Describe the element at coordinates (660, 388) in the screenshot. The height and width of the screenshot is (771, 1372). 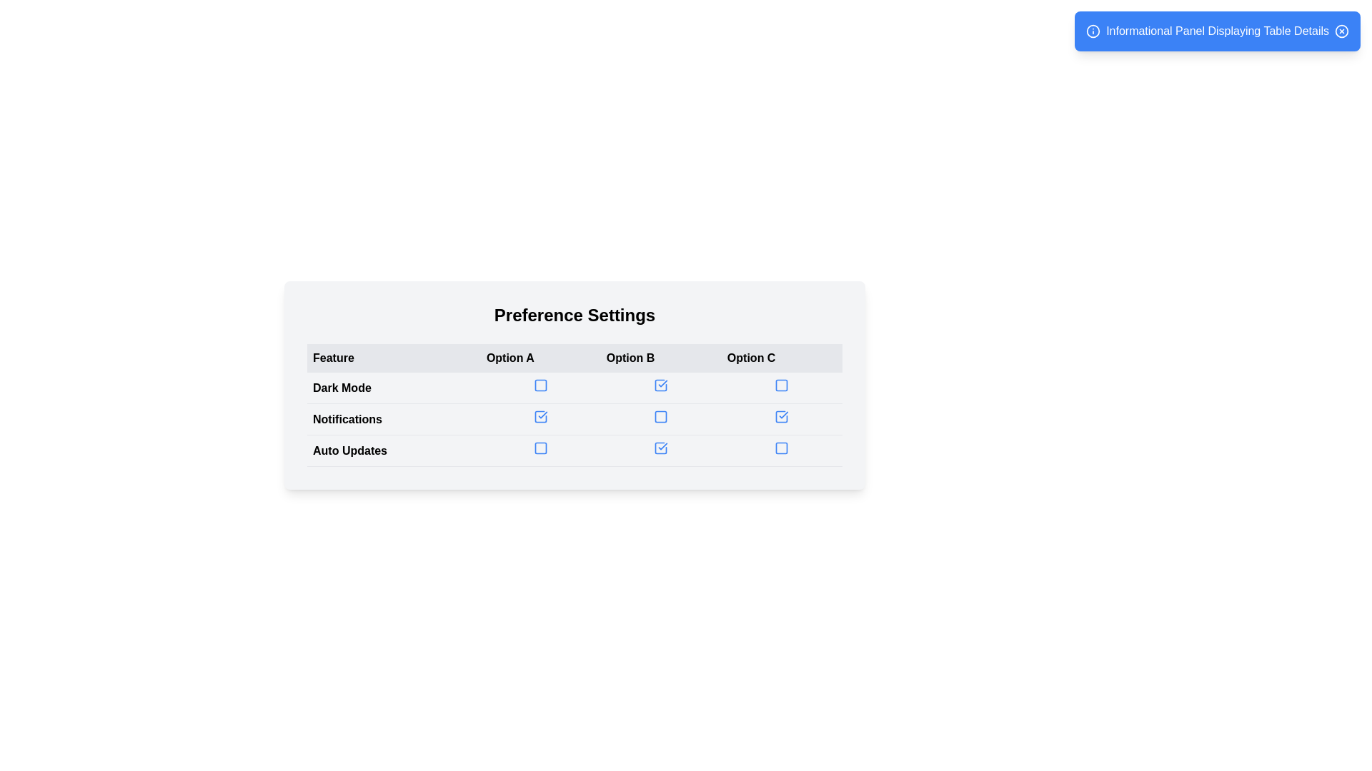
I see `the checkbox for 'Option B' in the 'Preference Settings' table` at that location.